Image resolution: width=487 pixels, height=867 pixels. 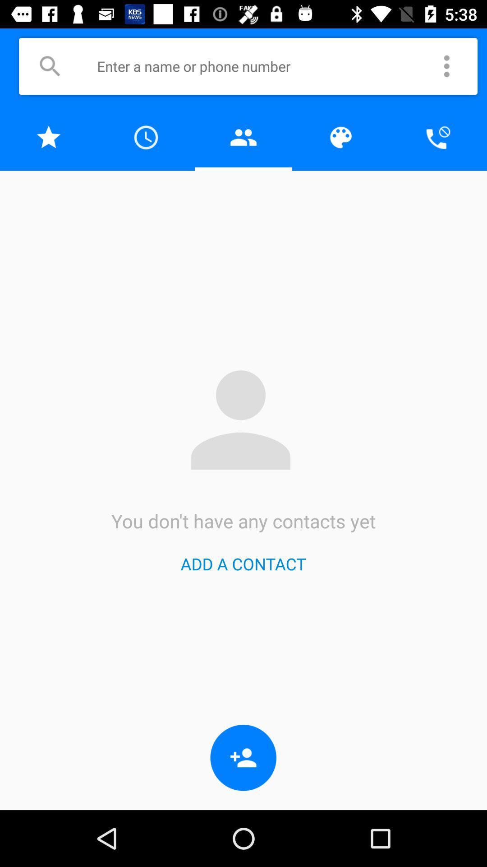 I want to click on contacts option, so click(x=49, y=137).